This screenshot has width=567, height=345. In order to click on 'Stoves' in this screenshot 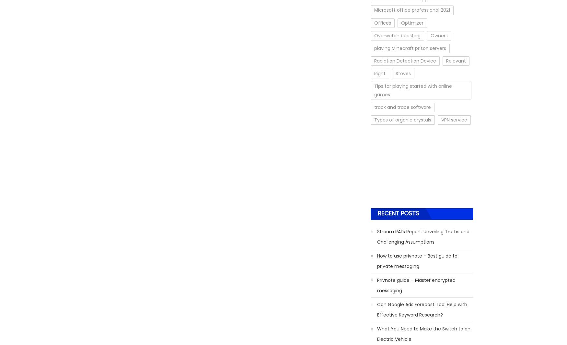, I will do `click(403, 73)`.